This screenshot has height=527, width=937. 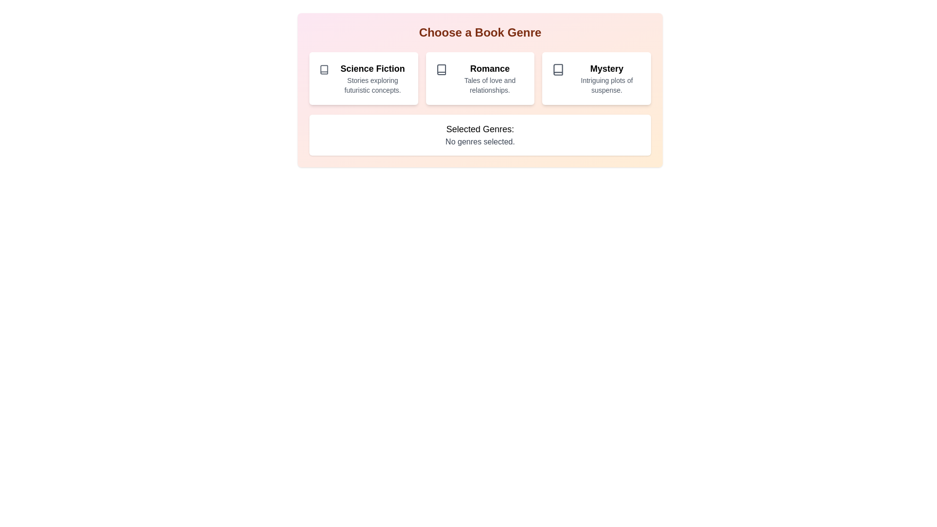 I want to click on the stylized book icon in the 'Mystery' genre selection panel, which is the third box in a horizontal layout of book genres, so click(x=558, y=69).